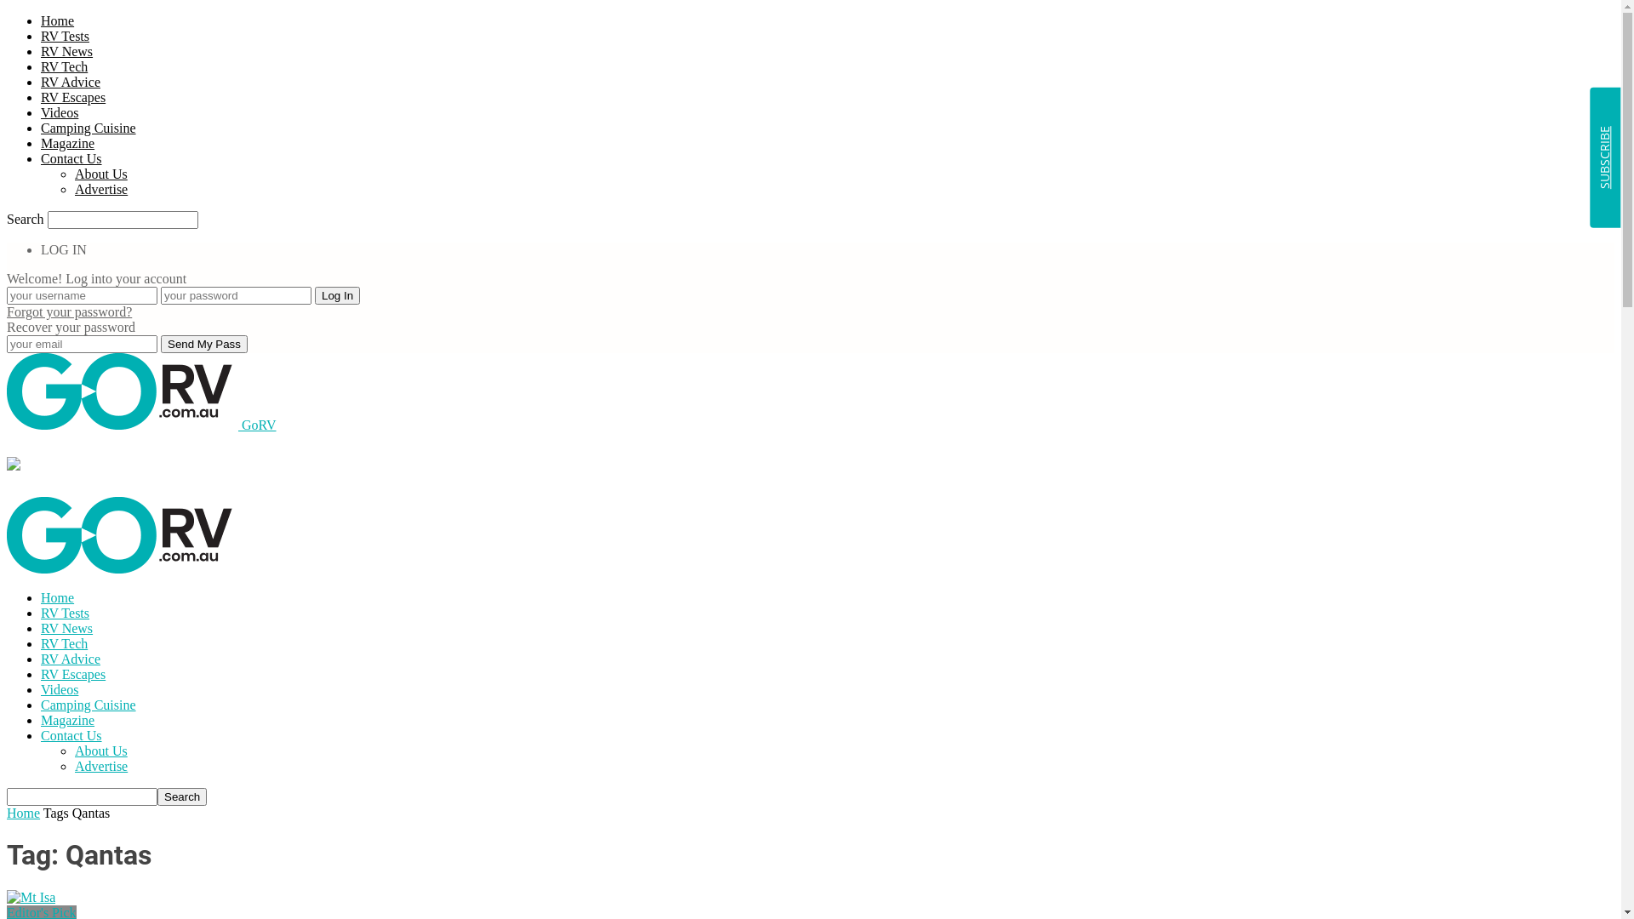  I want to click on 'RV News', so click(66, 50).